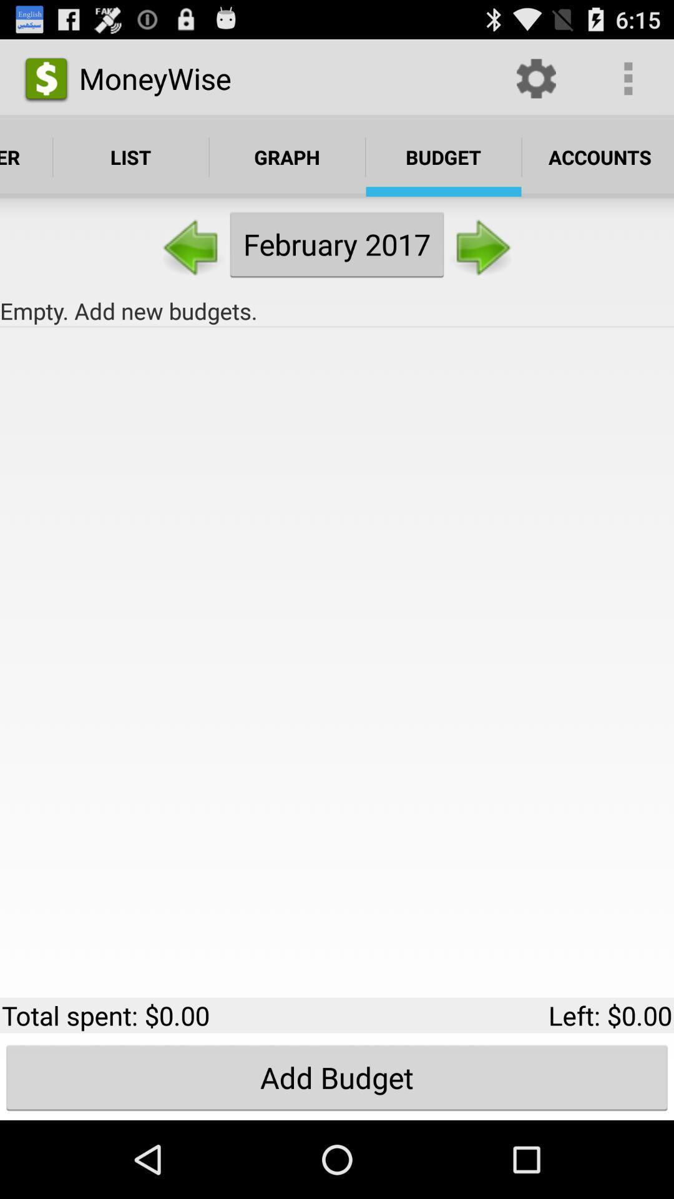 The image size is (674, 1199). Describe the element at coordinates (337, 1077) in the screenshot. I see `add budget button` at that location.